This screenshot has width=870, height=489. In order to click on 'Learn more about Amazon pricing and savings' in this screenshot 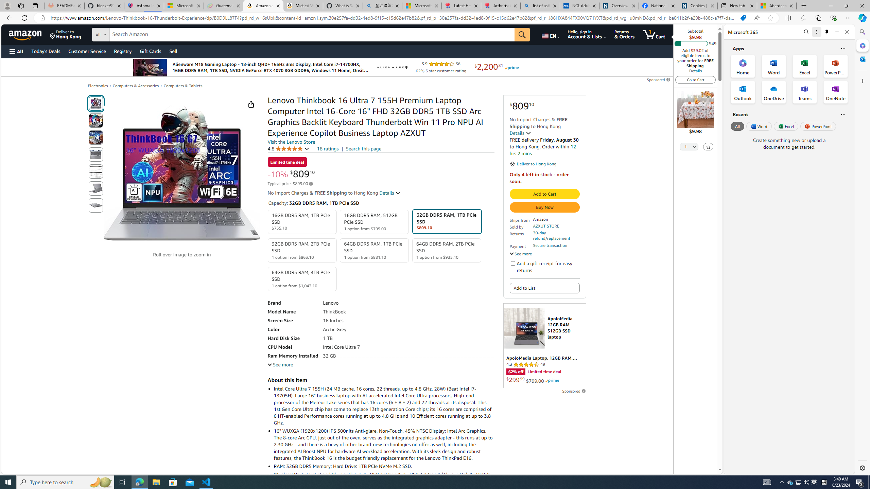, I will do `click(311, 183)`.